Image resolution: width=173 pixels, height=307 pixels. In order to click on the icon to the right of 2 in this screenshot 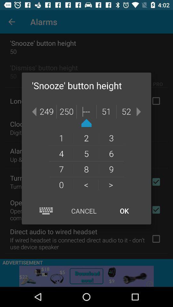, I will do `click(111, 138)`.